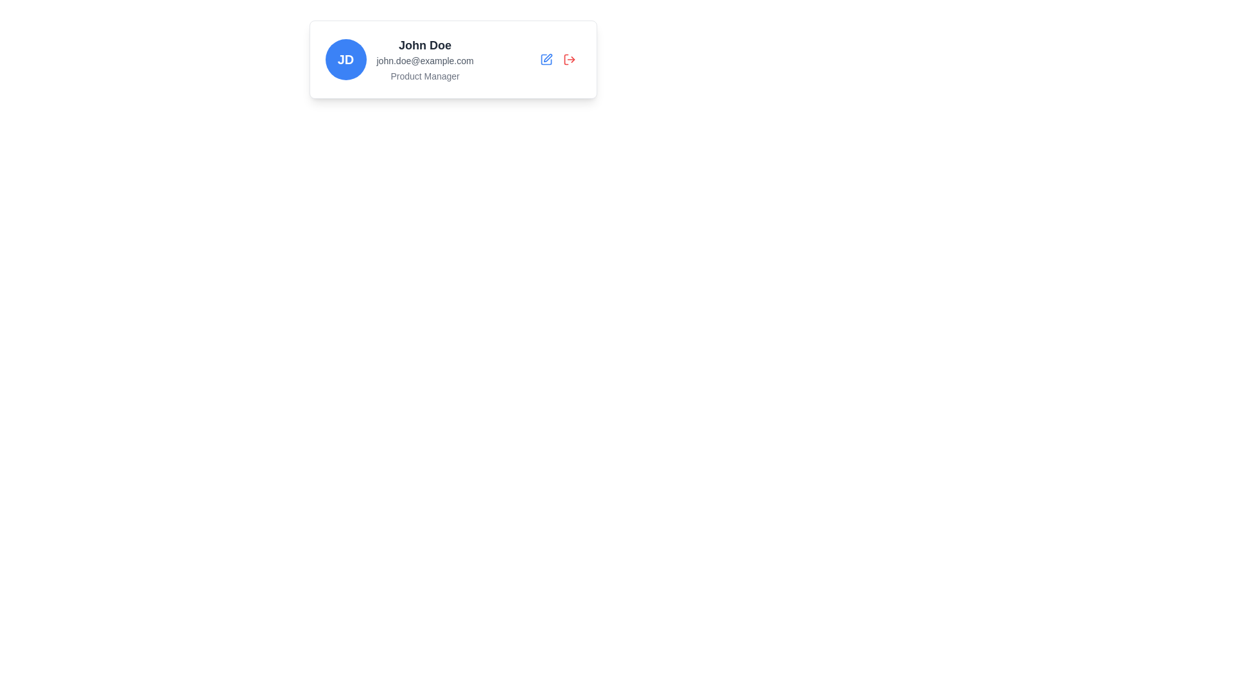  What do you see at coordinates (546, 59) in the screenshot?
I see `the blue square icon with a pen symbol located in the upper-right section of the user information card` at bounding box center [546, 59].